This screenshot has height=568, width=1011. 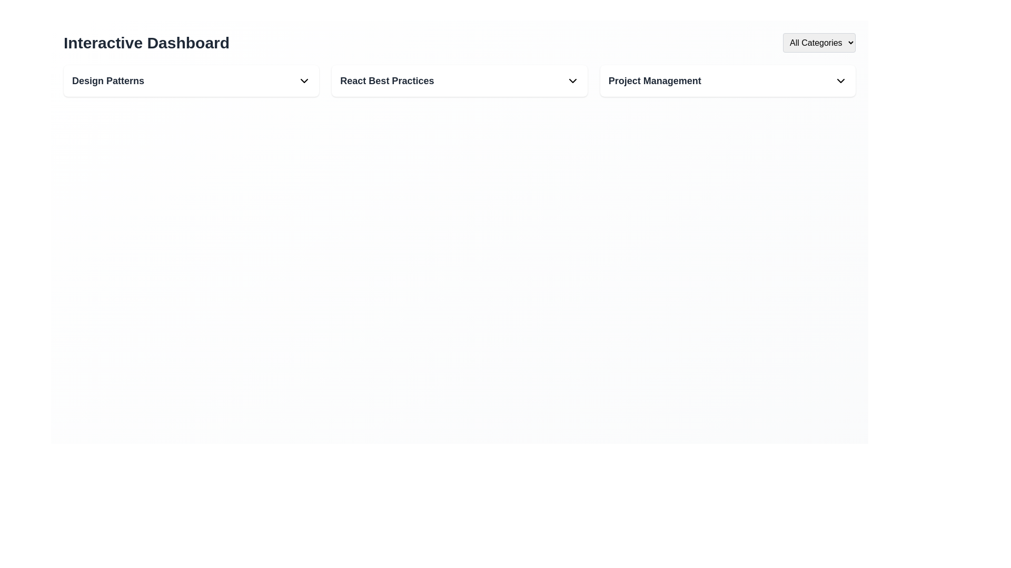 I want to click on the chevron-down icon button that toggles the dropdown menu for the 'Design Patterns' category, so click(x=304, y=80).